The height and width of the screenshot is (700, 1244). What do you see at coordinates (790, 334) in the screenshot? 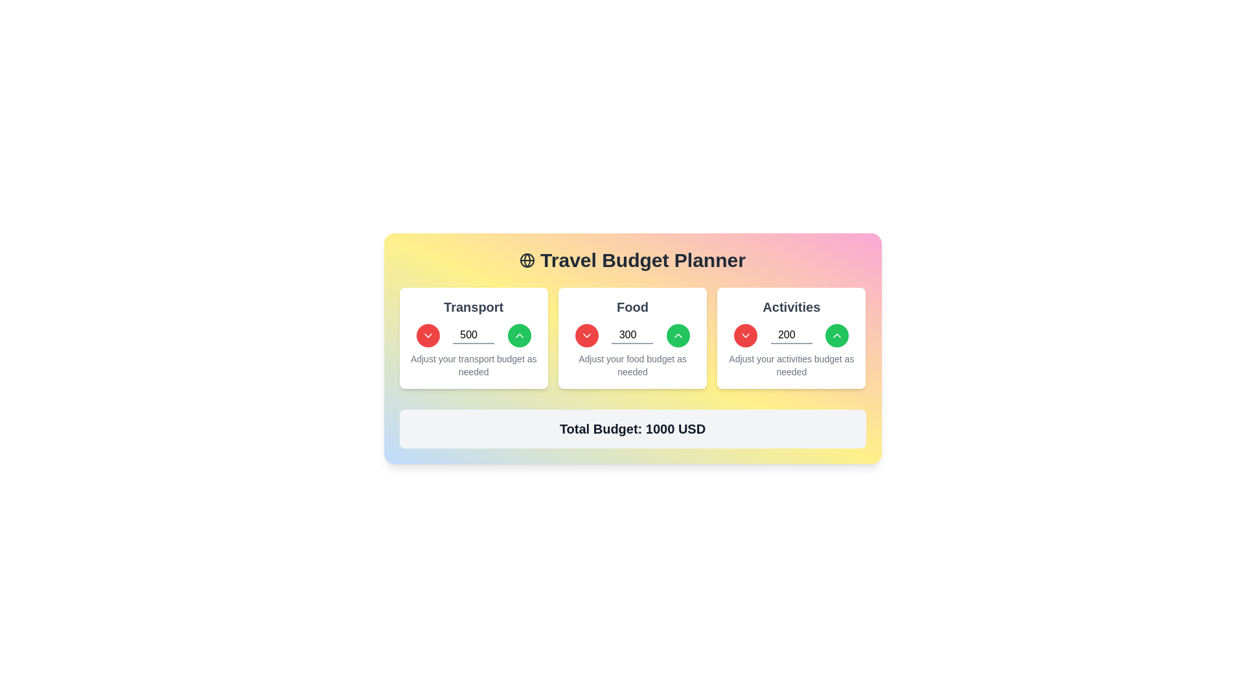
I see `the numeric input field displaying the value '200'` at bounding box center [790, 334].